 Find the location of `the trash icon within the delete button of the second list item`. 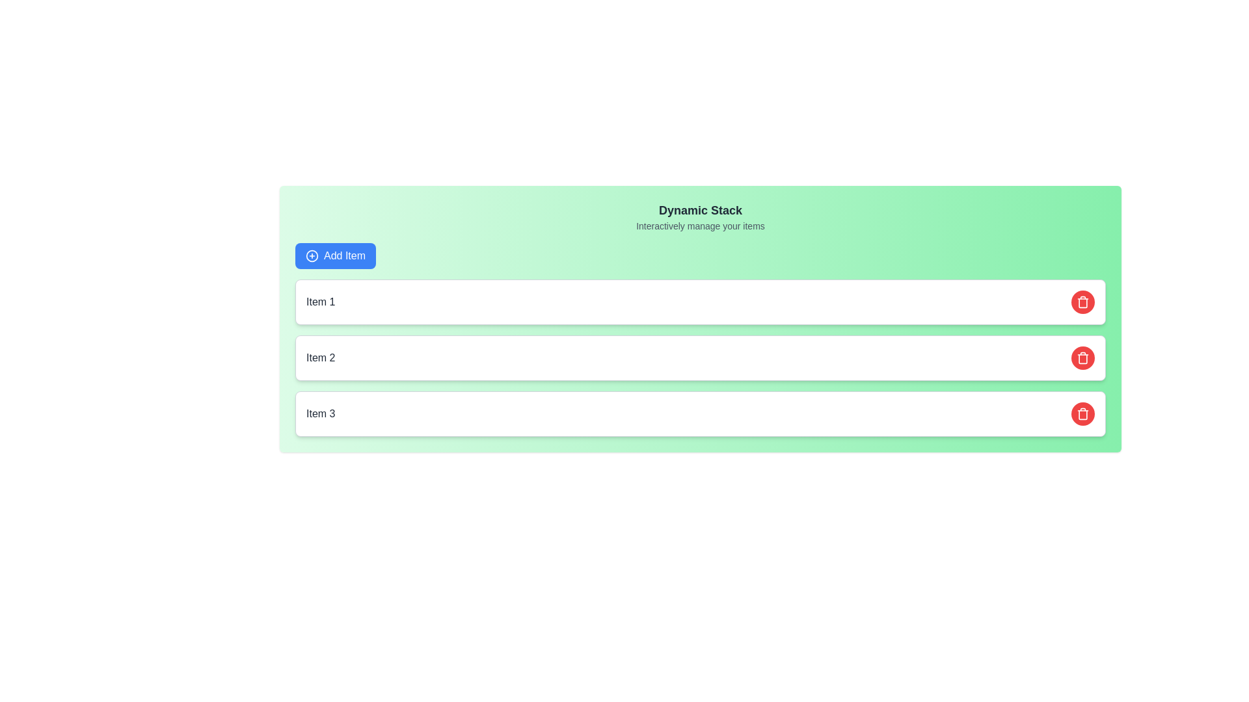

the trash icon within the delete button of the second list item is located at coordinates (1083, 358).